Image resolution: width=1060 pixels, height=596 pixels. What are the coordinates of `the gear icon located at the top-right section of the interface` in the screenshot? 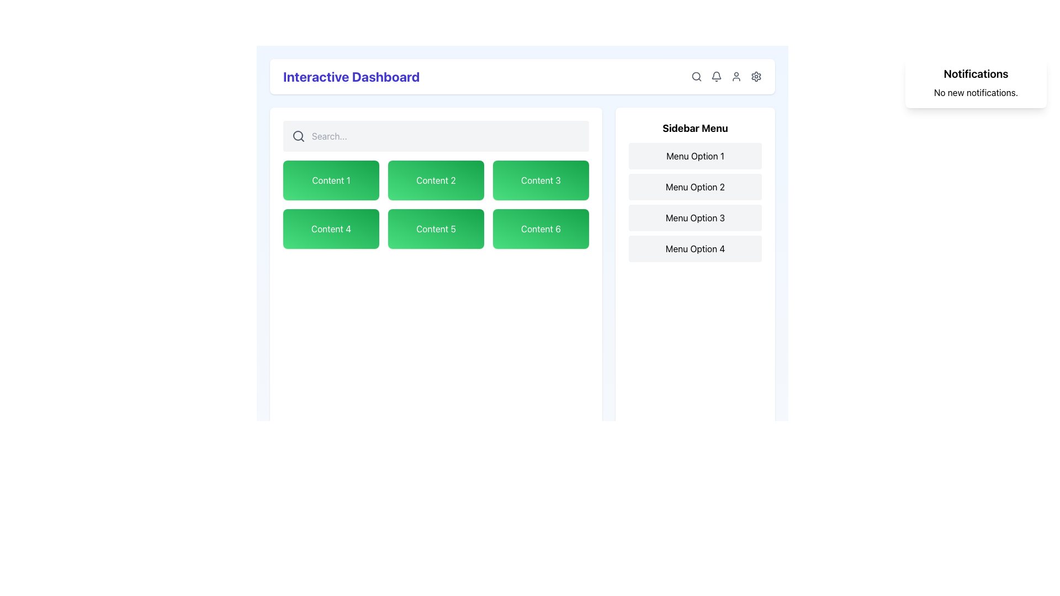 It's located at (755, 76).